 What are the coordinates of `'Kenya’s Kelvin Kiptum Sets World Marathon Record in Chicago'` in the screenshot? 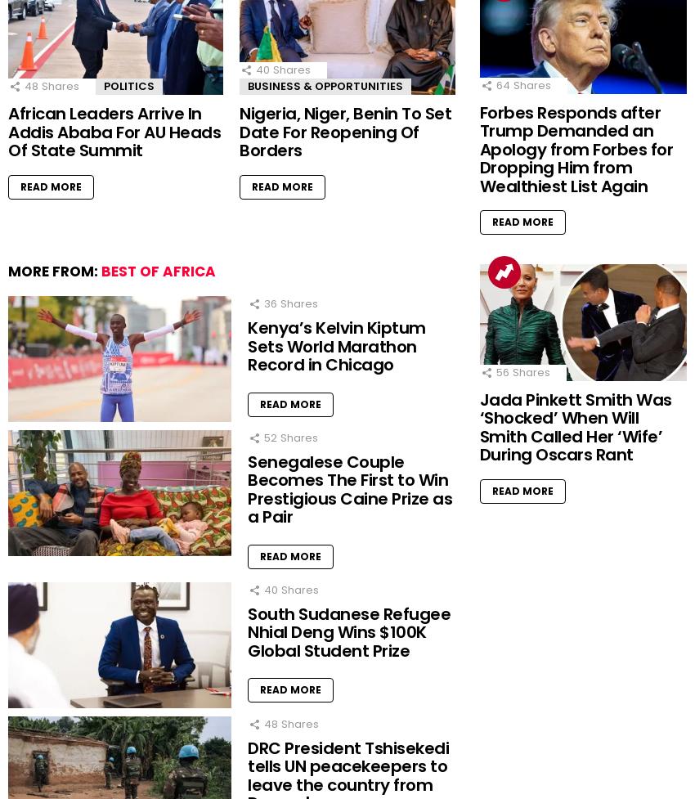 It's located at (248, 346).